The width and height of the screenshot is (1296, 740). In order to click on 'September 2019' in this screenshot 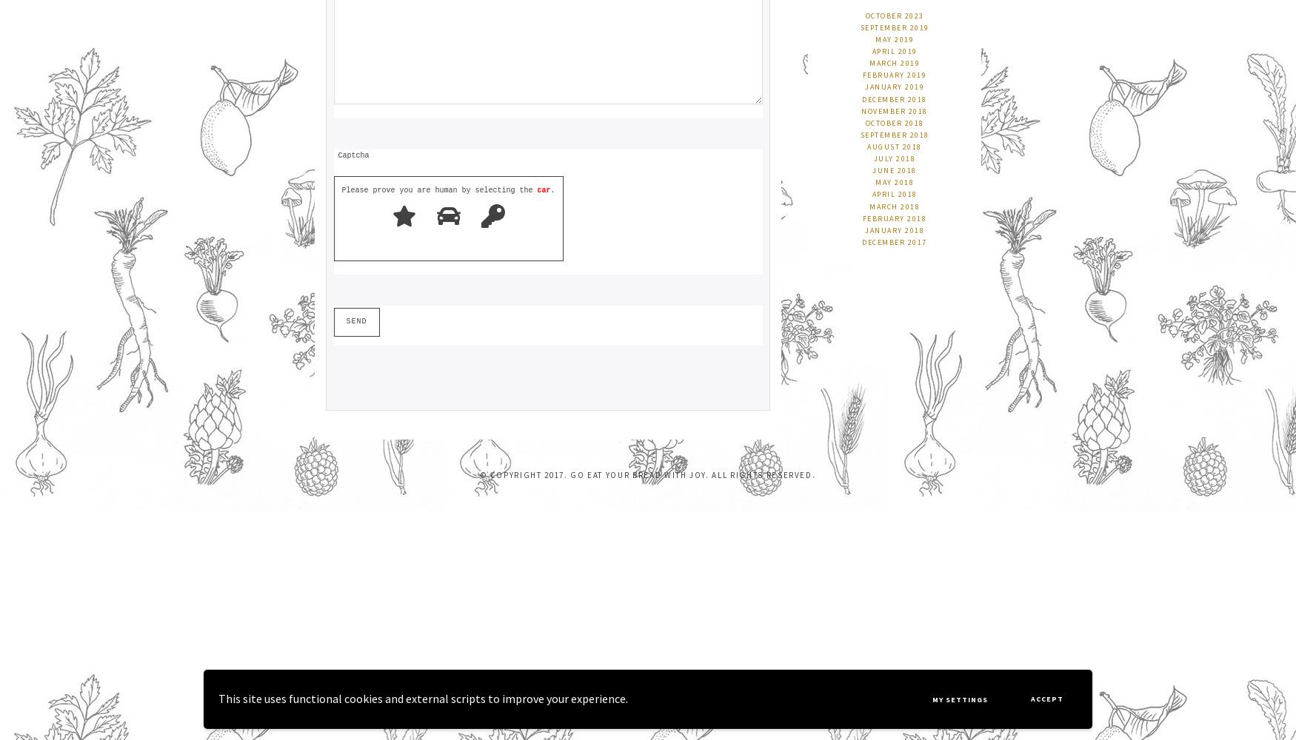, I will do `click(894, 27)`.